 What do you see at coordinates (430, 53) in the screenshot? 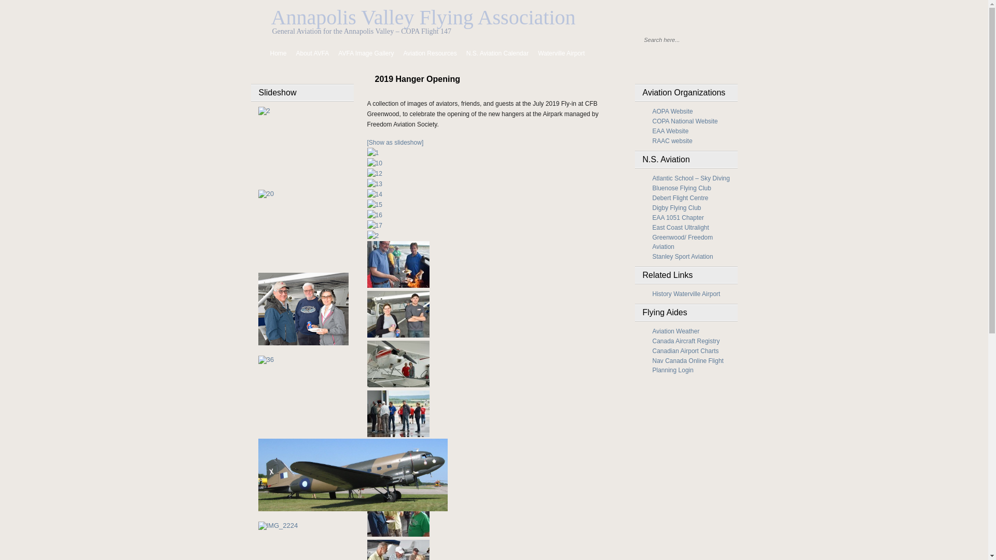
I see `'Aviation Resources'` at bounding box center [430, 53].